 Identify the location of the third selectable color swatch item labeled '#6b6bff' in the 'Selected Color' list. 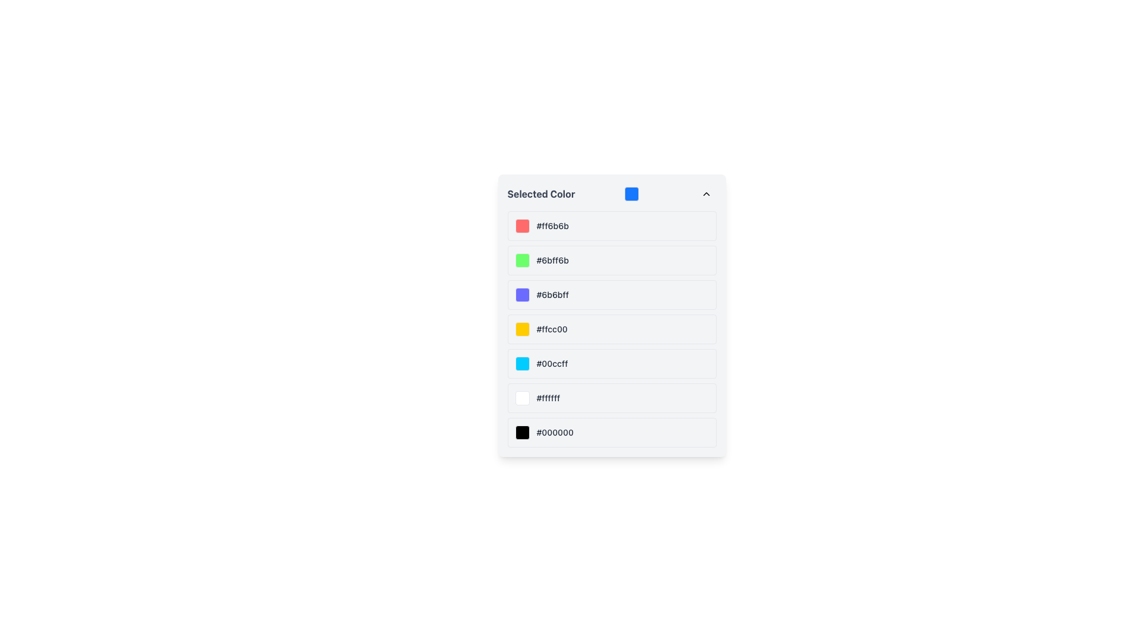
(612, 294).